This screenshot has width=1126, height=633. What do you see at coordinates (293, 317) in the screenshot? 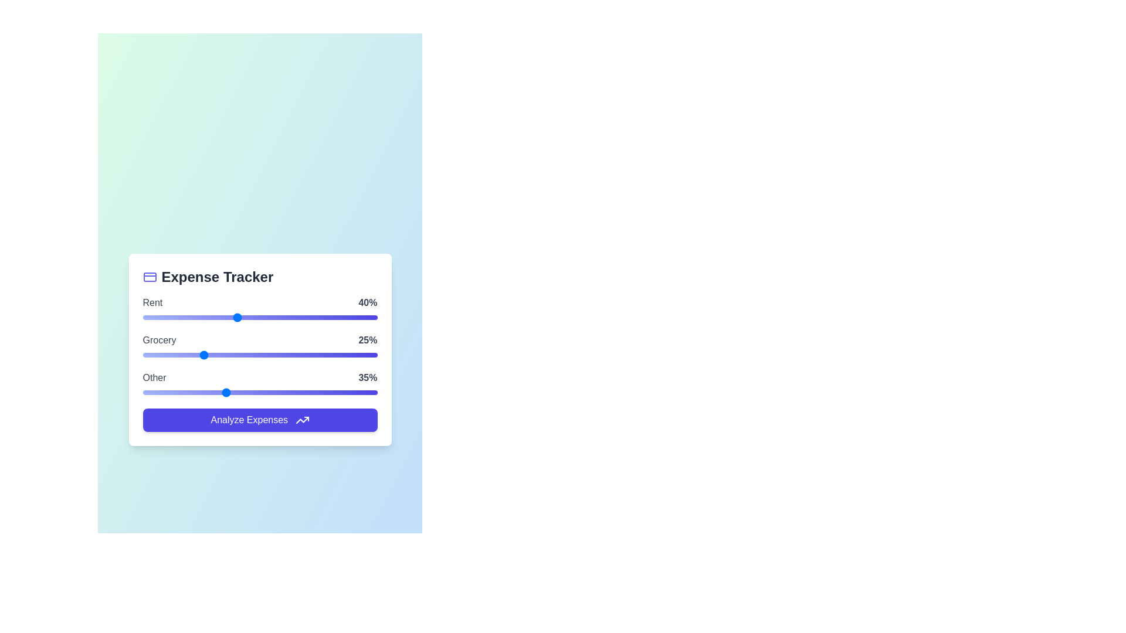
I see `the 'Rent' slider to 64%` at bounding box center [293, 317].